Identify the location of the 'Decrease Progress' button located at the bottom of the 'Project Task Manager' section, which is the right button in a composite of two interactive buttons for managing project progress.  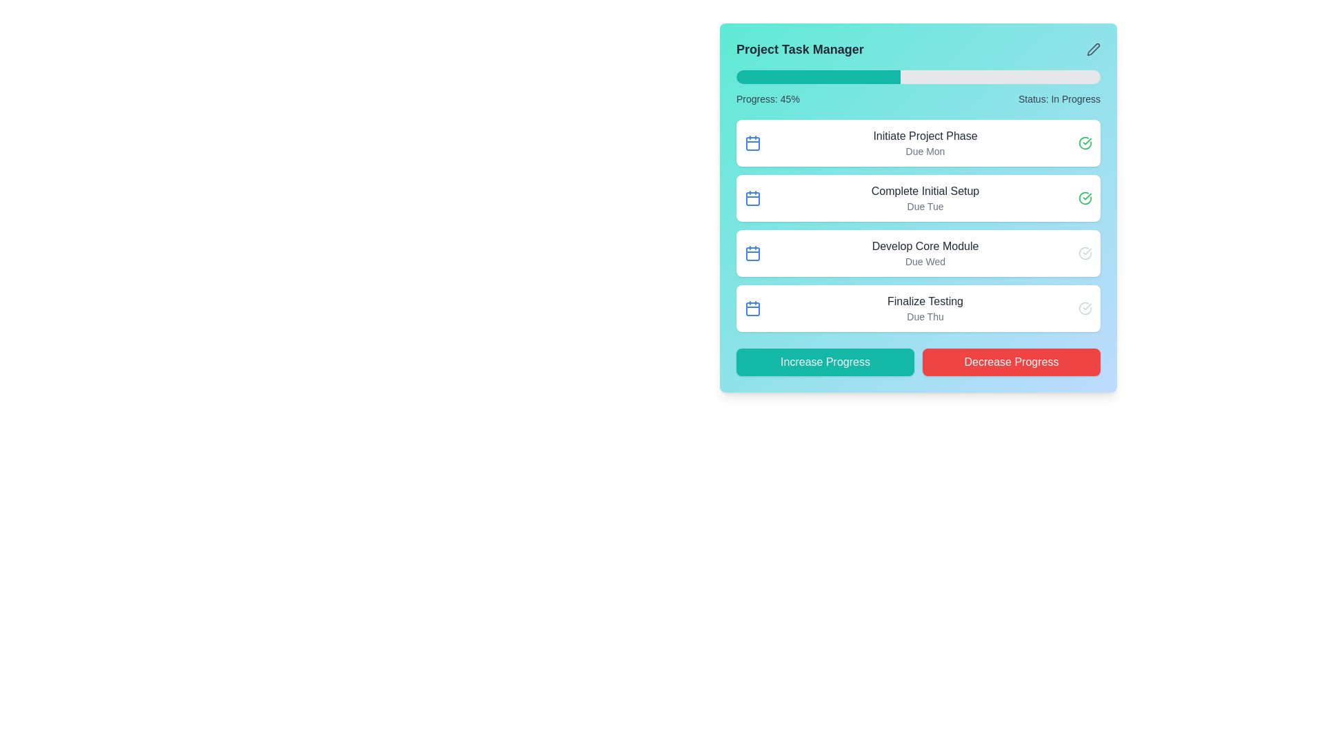
(918, 361).